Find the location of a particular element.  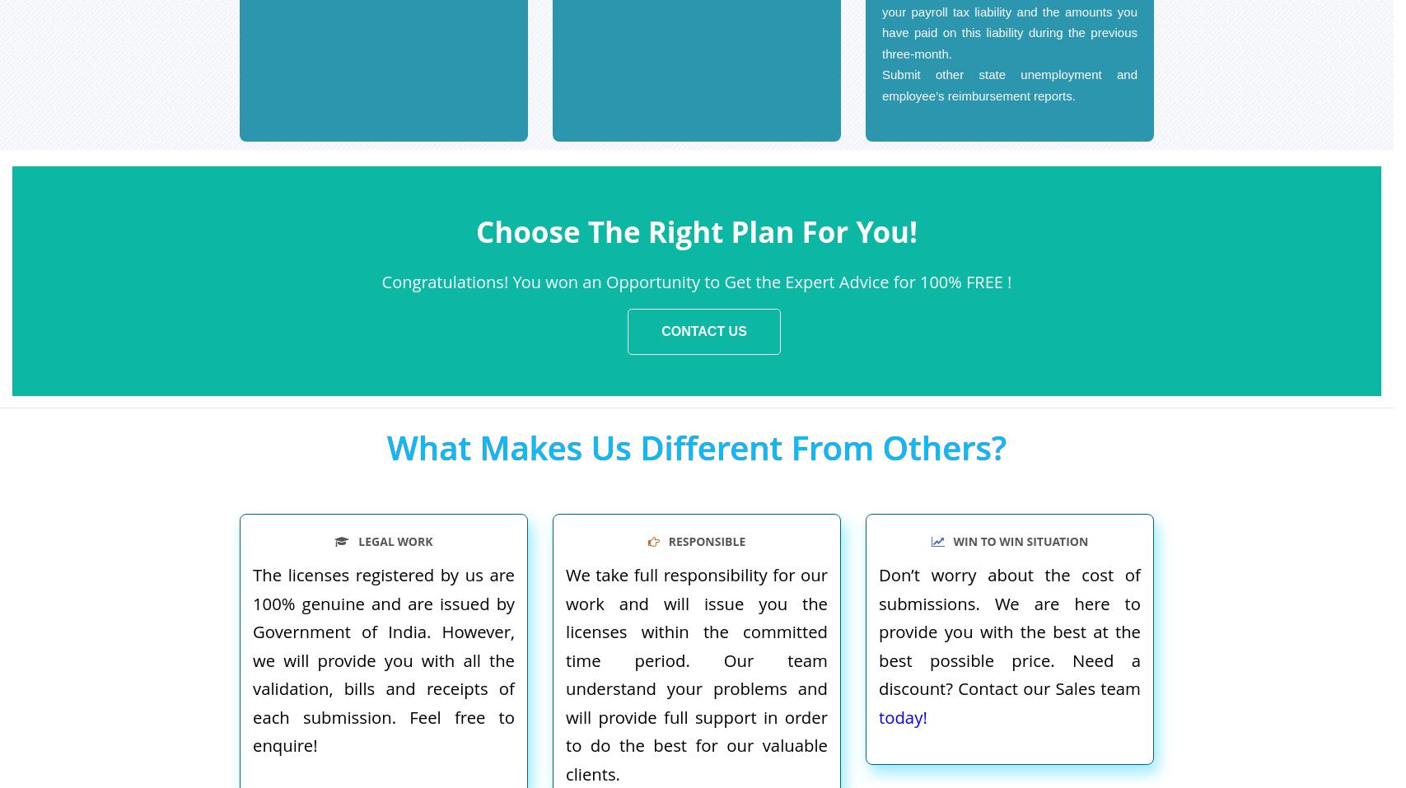

'Don’t worry about the cost of submissions. We are here to provide you with the best at the best possible price.
      Need a discount? Contact our Sales team' is located at coordinates (1008, 631).